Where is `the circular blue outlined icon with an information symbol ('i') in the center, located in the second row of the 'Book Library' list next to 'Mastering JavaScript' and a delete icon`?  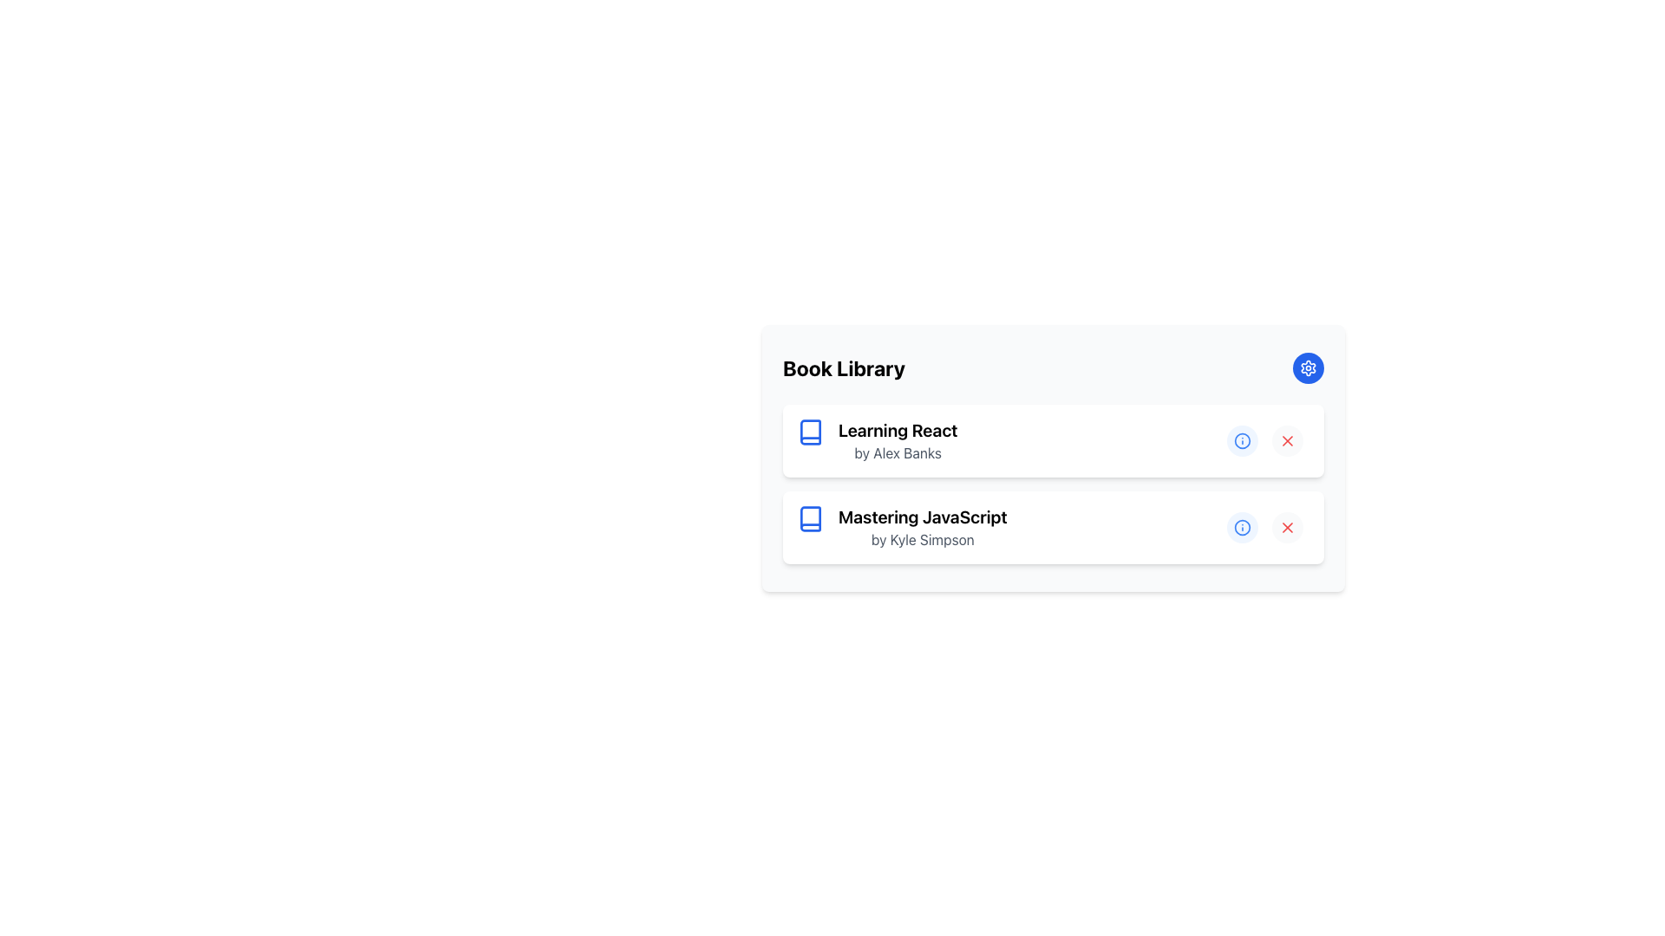 the circular blue outlined icon with an information symbol ('i') in the center, located in the second row of the 'Book Library' list next to 'Mastering JavaScript' and a delete icon is located at coordinates (1242, 440).